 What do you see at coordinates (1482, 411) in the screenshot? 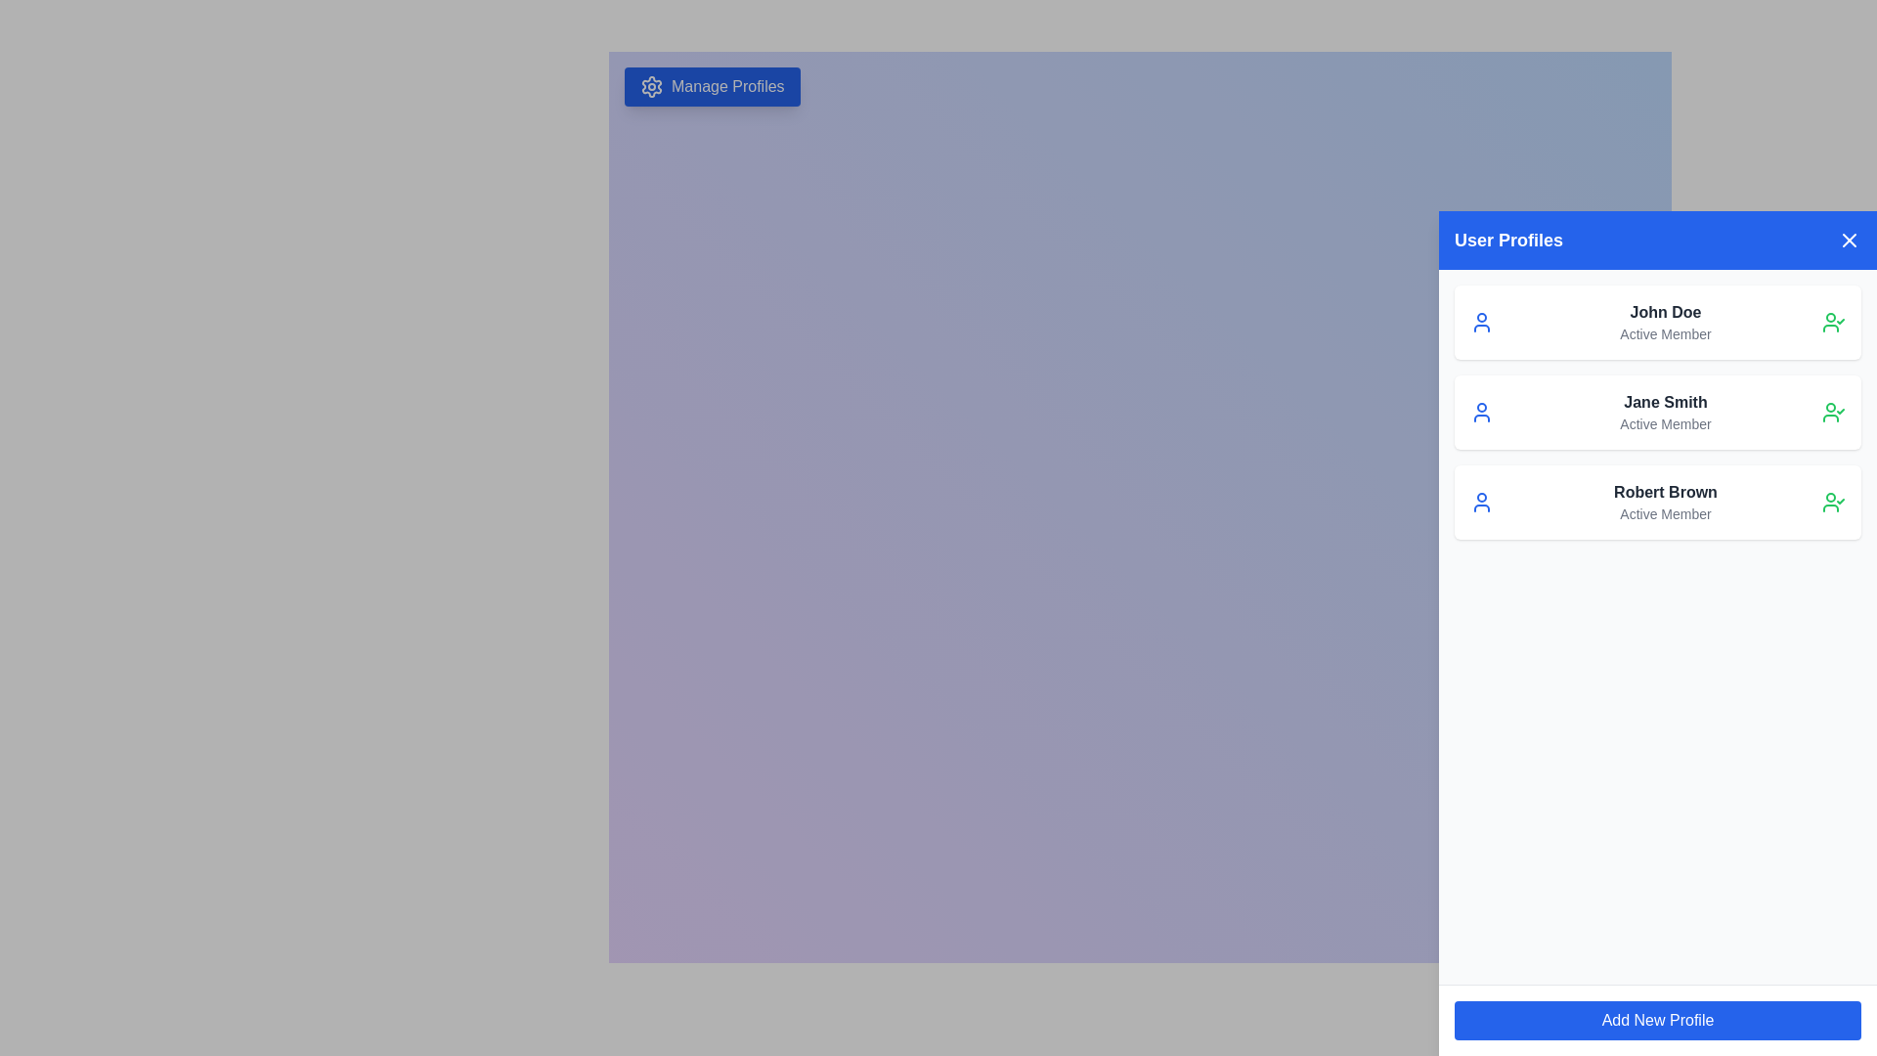
I see `the user detail icon associated with 'Jane Smith, Active Member' located on the left of the profile card in the user list` at bounding box center [1482, 411].